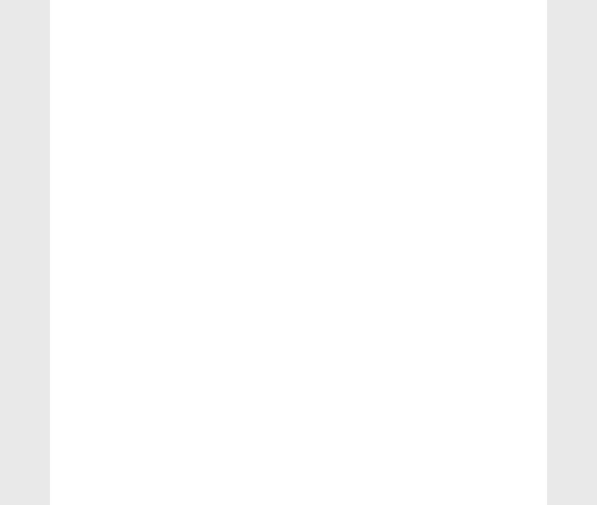  I want to click on 'Skating', so click(89, 482).